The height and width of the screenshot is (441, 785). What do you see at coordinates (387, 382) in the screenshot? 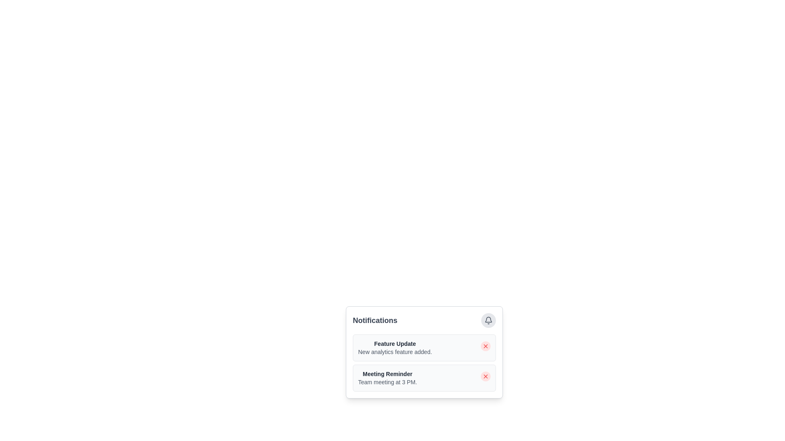
I see `the text label displaying 'Team meeting at 3 PM.' located in the bottom notification box below the 'Meeting Reminder' heading` at bounding box center [387, 382].